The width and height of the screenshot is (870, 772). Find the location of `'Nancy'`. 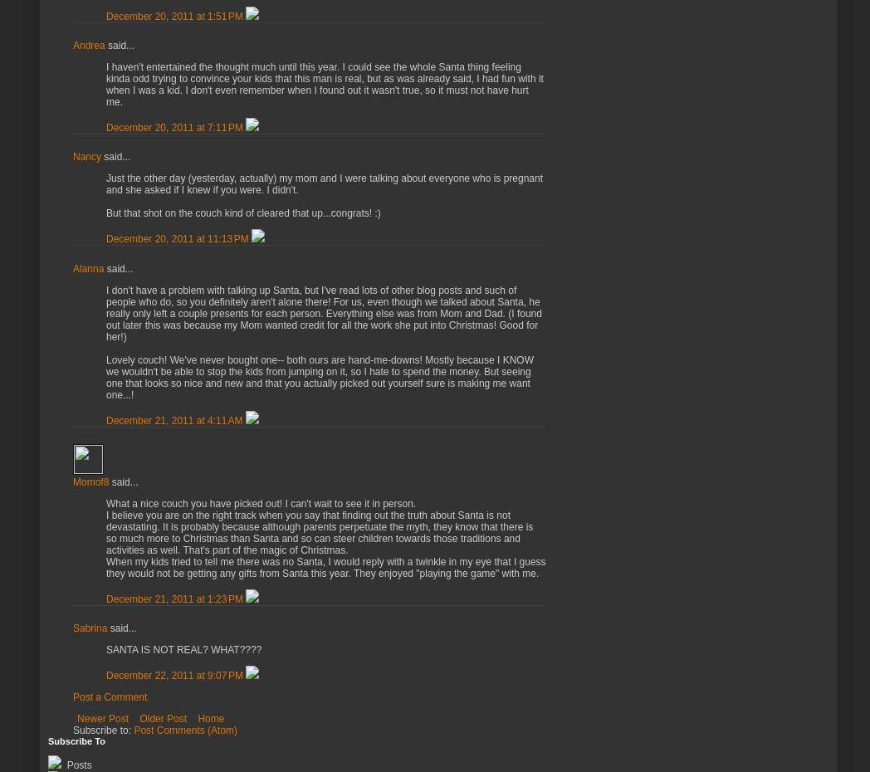

'Nancy' is located at coordinates (86, 155).